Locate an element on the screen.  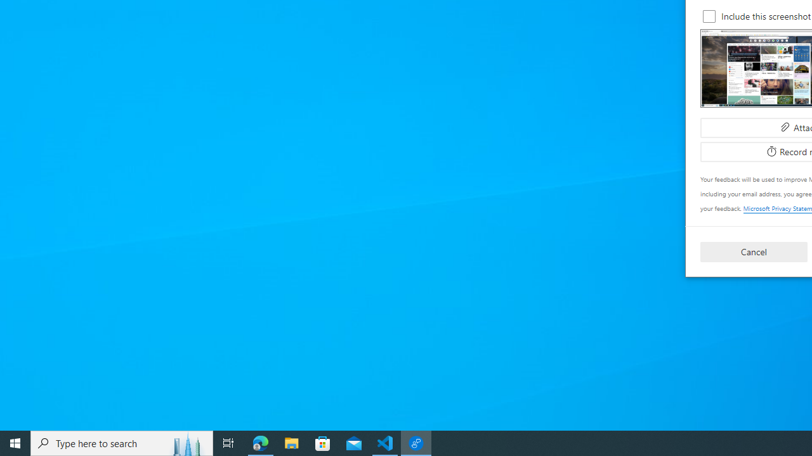
'Start' is located at coordinates (15, 442).